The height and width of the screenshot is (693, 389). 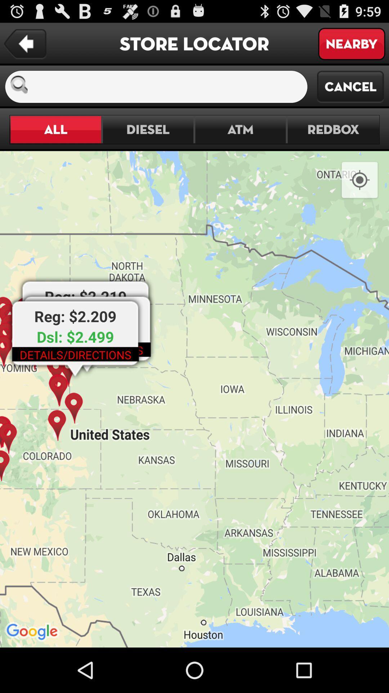 What do you see at coordinates (333, 130) in the screenshot?
I see `redbox` at bounding box center [333, 130].